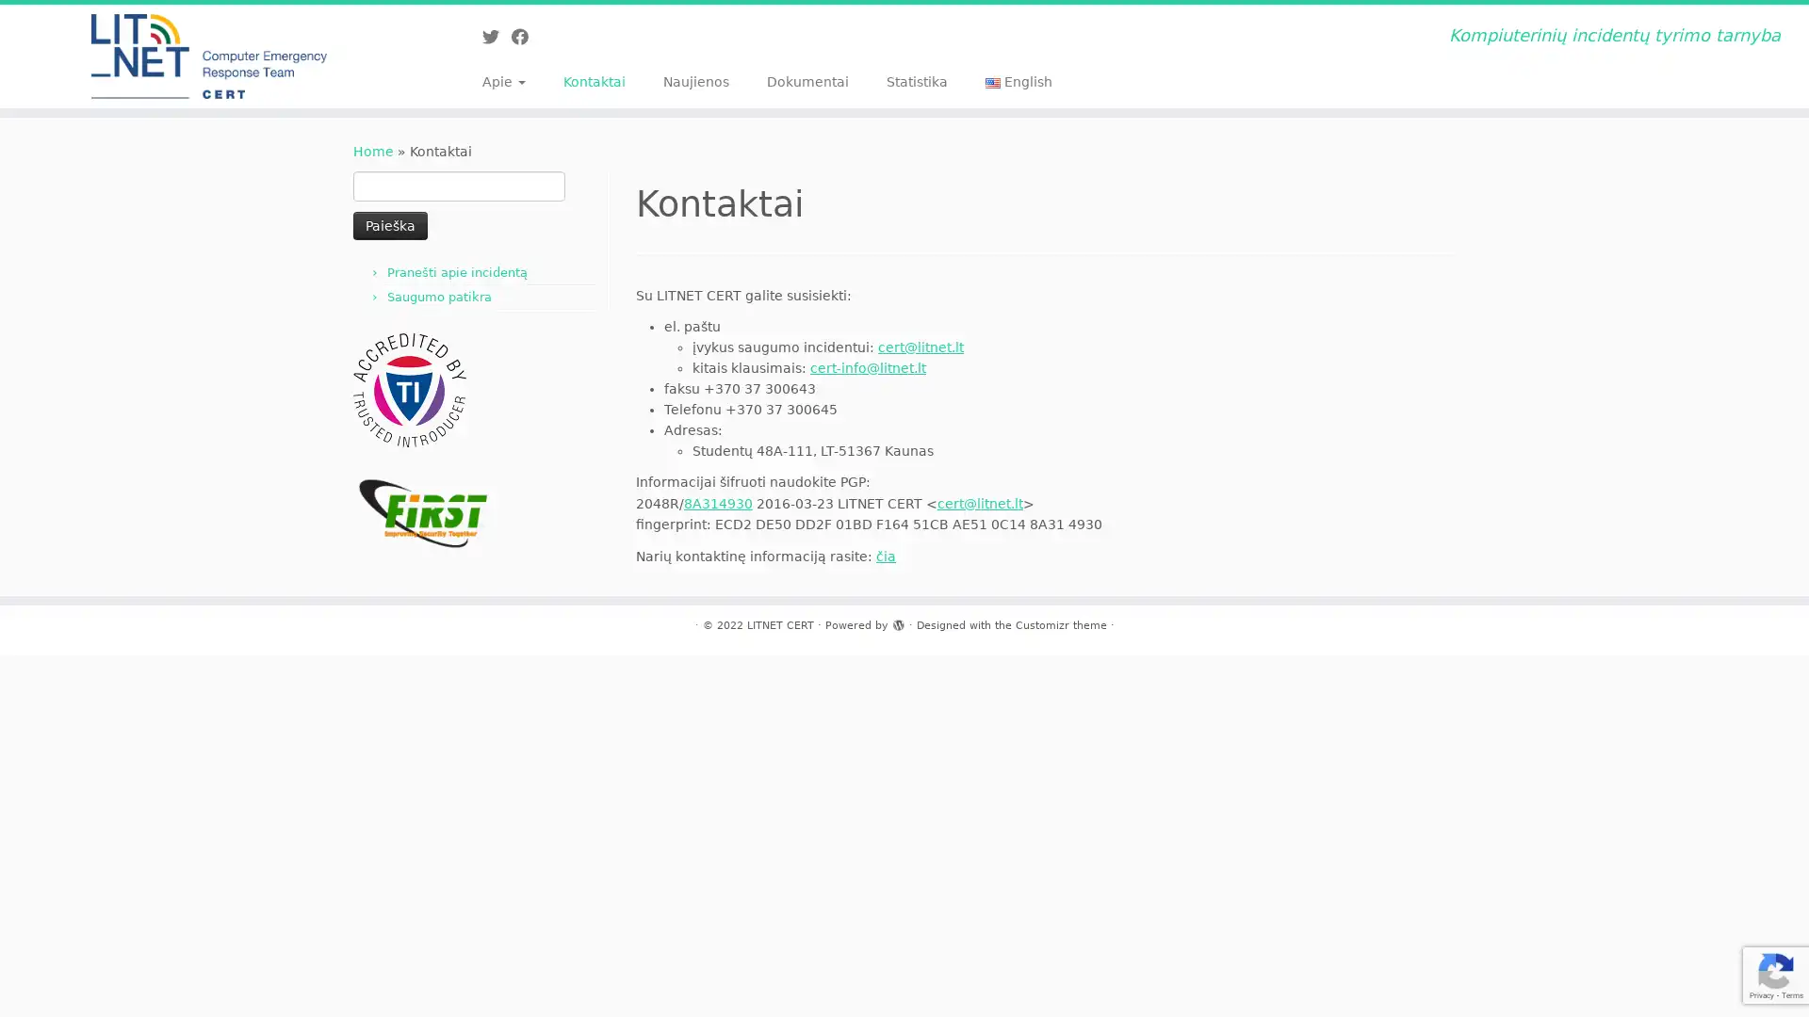 The image size is (1809, 1017). Describe the element at coordinates (389, 224) in the screenshot. I see `Paieska` at that location.